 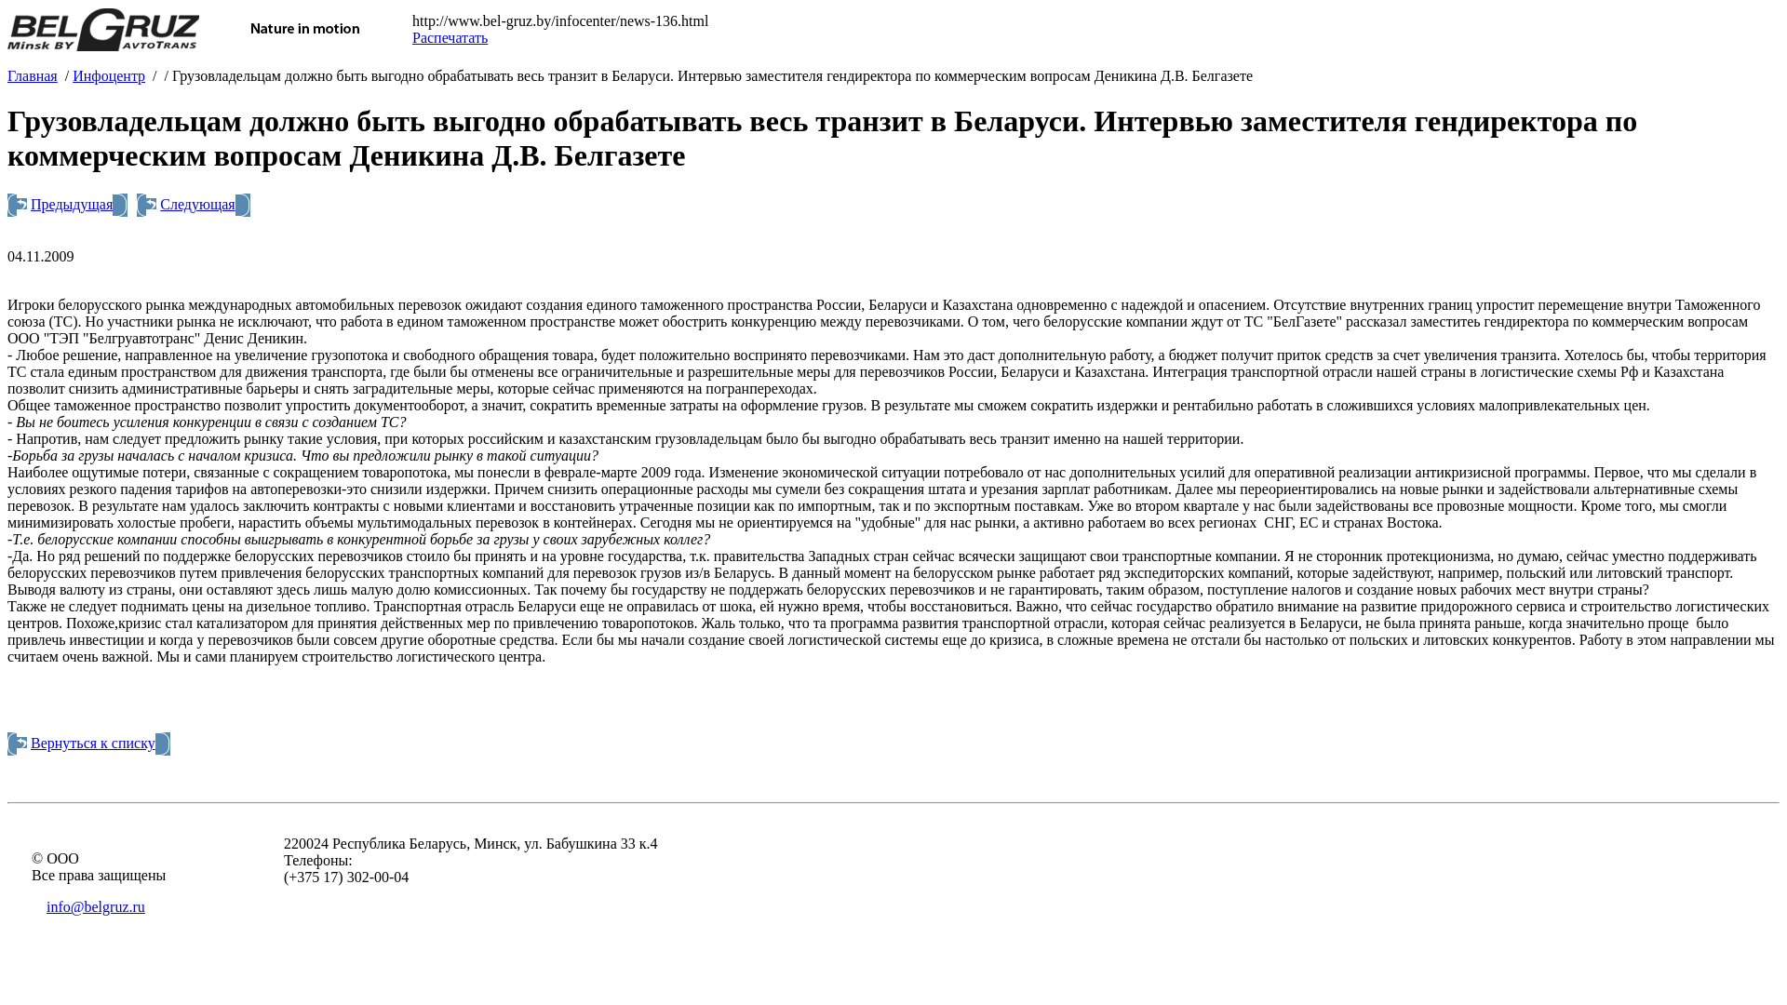 I want to click on 'info@belgruz.ru', so click(x=94, y=905).